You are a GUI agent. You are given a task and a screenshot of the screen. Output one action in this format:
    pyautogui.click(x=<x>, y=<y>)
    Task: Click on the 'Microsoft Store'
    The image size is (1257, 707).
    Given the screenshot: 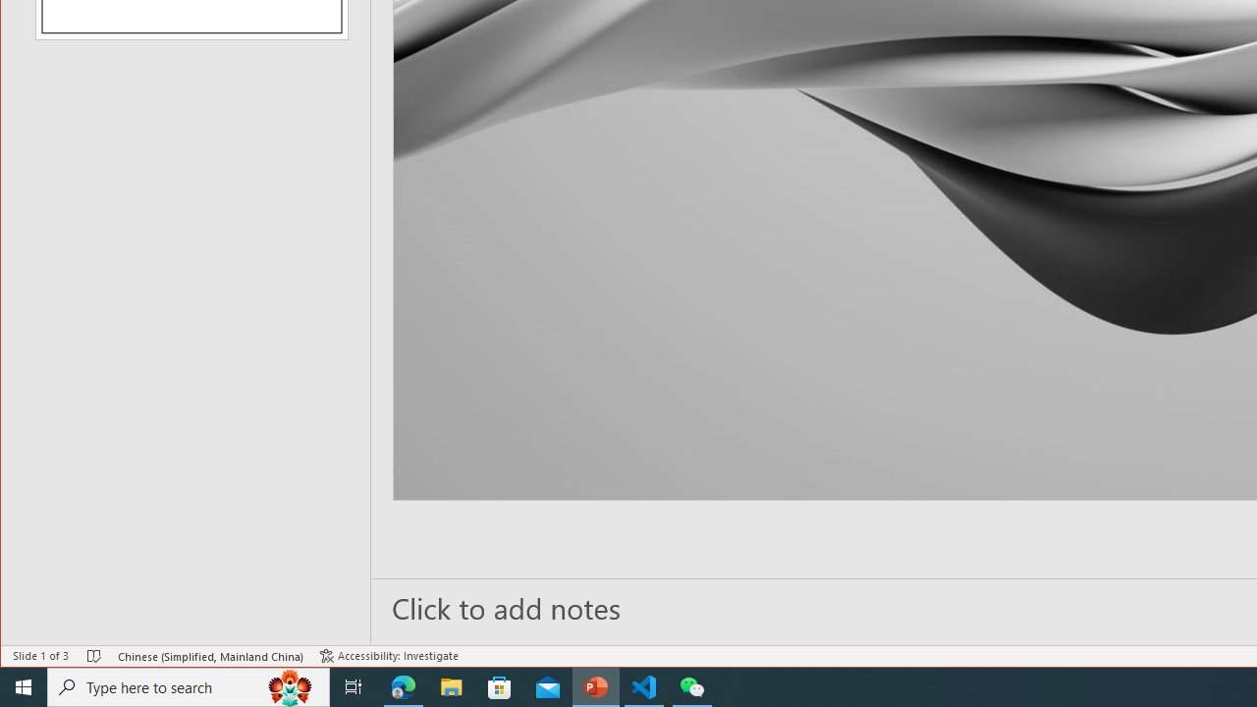 What is the action you would take?
    pyautogui.click(x=500, y=685)
    